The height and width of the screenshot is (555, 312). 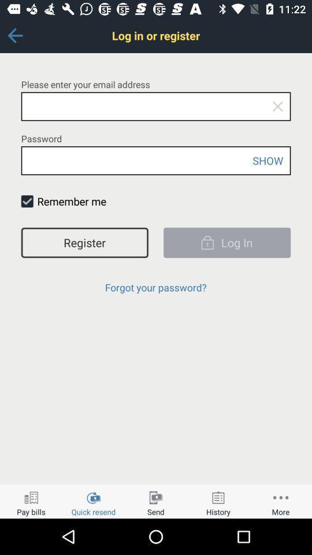 I want to click on the icon above the password icon, so click(x=277, y=106).